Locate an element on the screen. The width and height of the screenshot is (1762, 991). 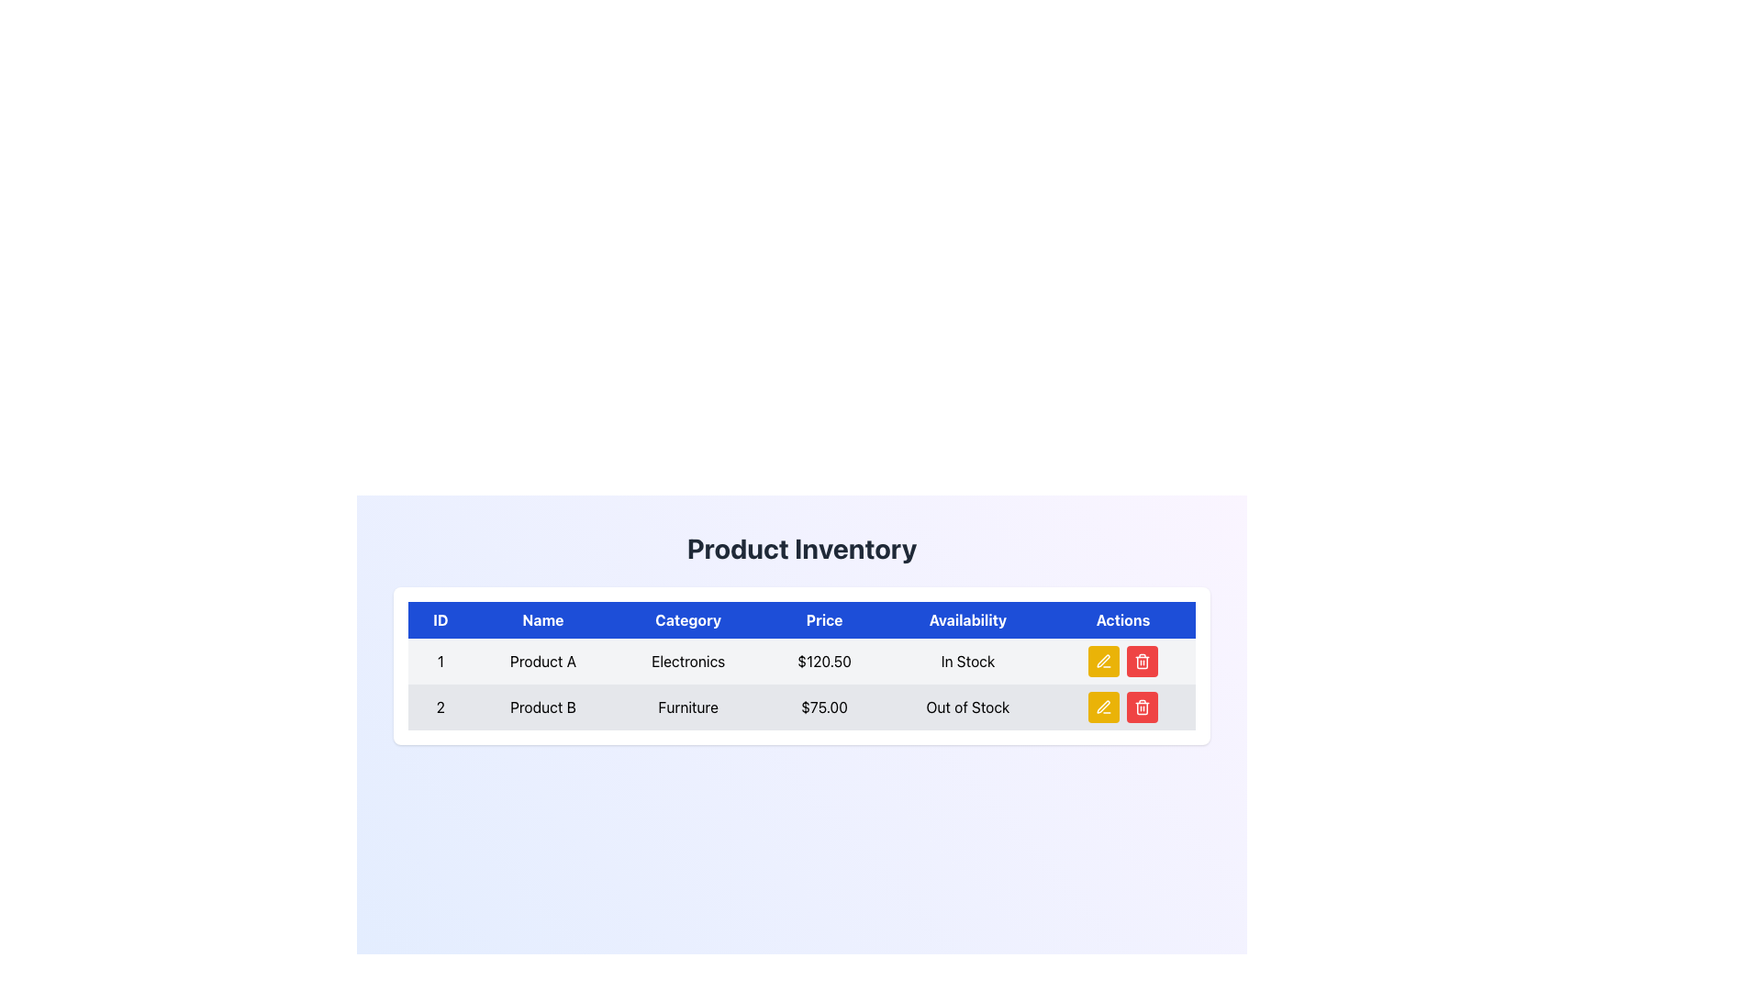
the small, rounded rectangular button with a bright yellow background and a pen icon, located in the 'Actions' column of the first row under 'Product Inventory' is located at coordinates (1102, 662).